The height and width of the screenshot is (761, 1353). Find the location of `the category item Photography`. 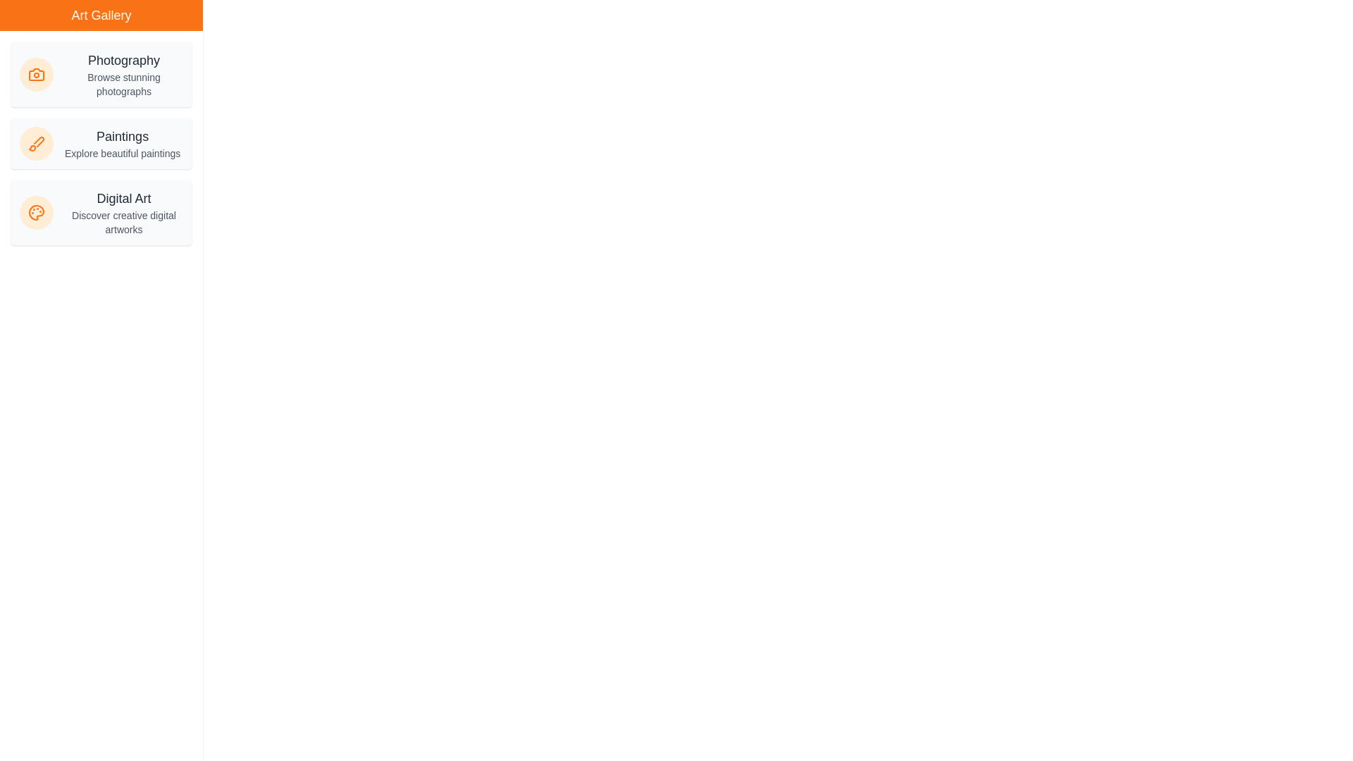

the category item Photography is located at coordinates (101, 74).